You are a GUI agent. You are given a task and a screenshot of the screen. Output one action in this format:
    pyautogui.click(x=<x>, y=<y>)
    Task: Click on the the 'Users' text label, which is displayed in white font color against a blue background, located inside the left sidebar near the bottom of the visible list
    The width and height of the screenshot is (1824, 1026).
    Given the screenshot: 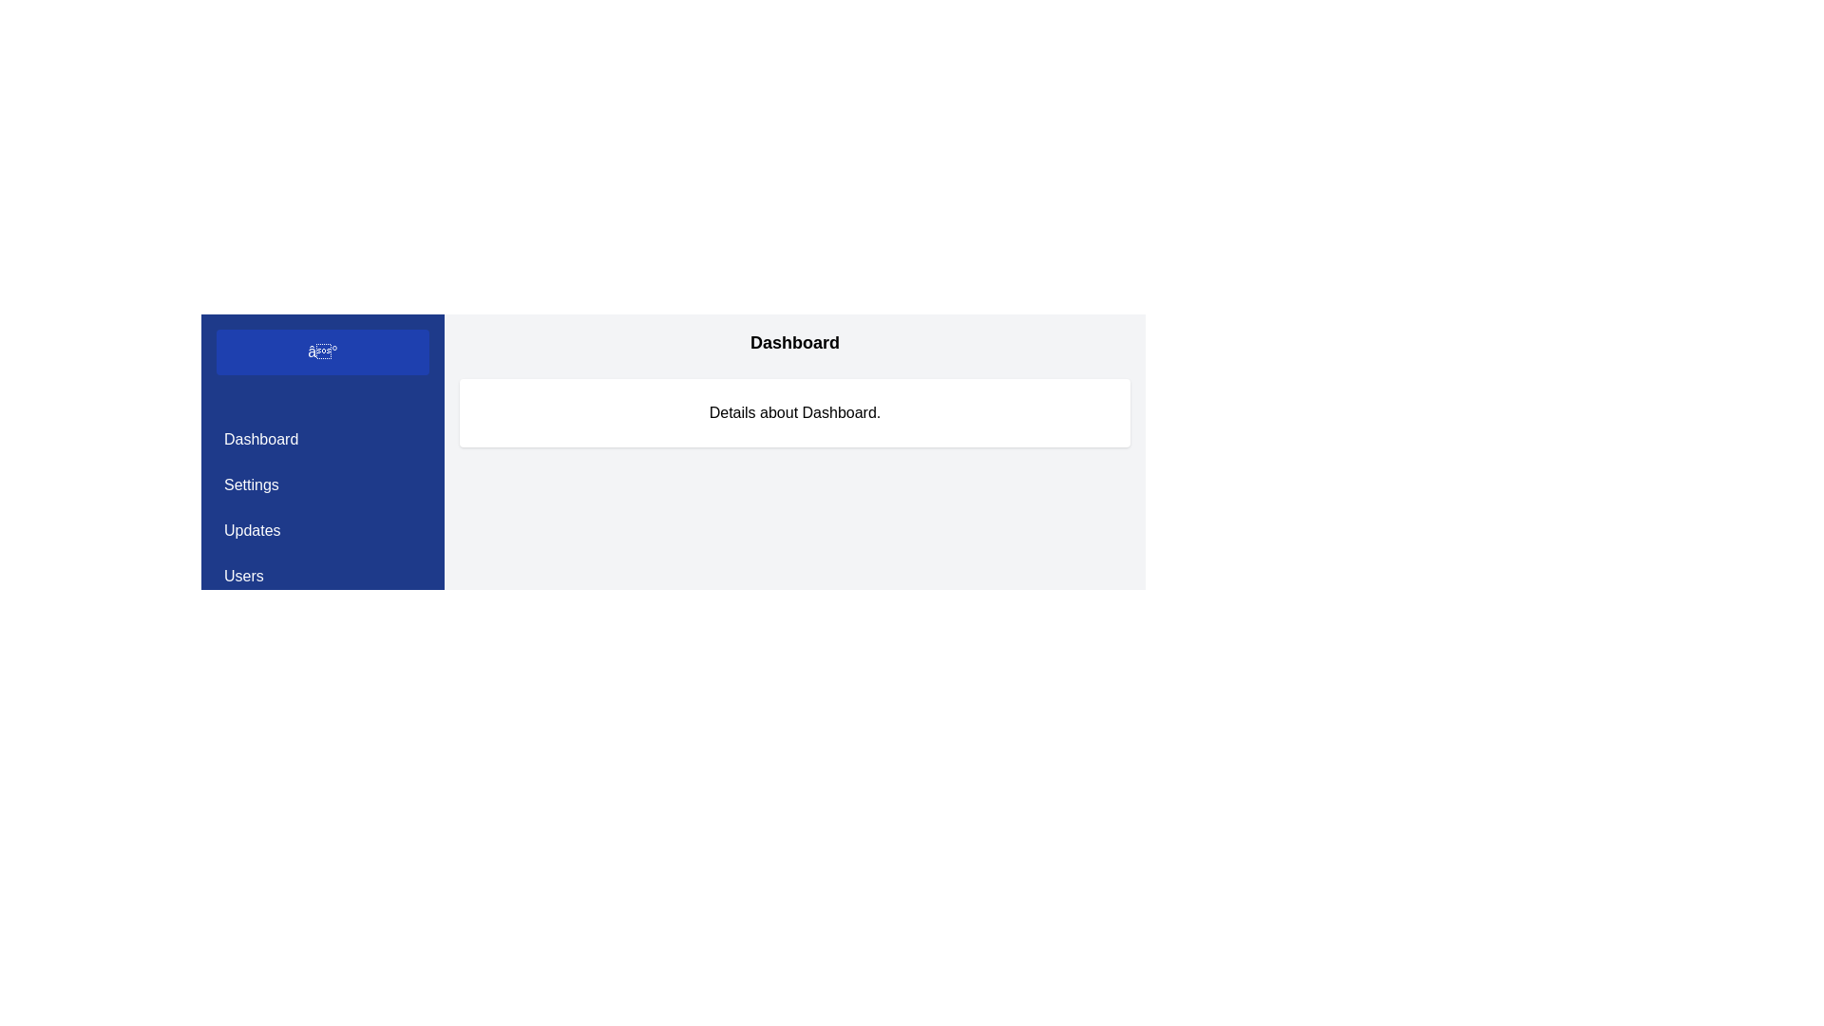 What is the action you would take?
    pyautogui.click(x=242, y=575)
    